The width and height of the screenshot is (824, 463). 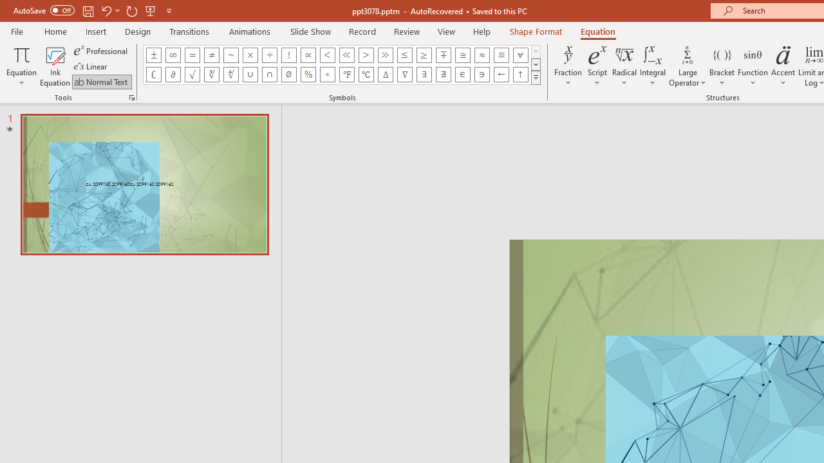 What do you see at coordinates (21, 66) in the screenshot?
I see `'Equation'` at bounding box center [21, 66].